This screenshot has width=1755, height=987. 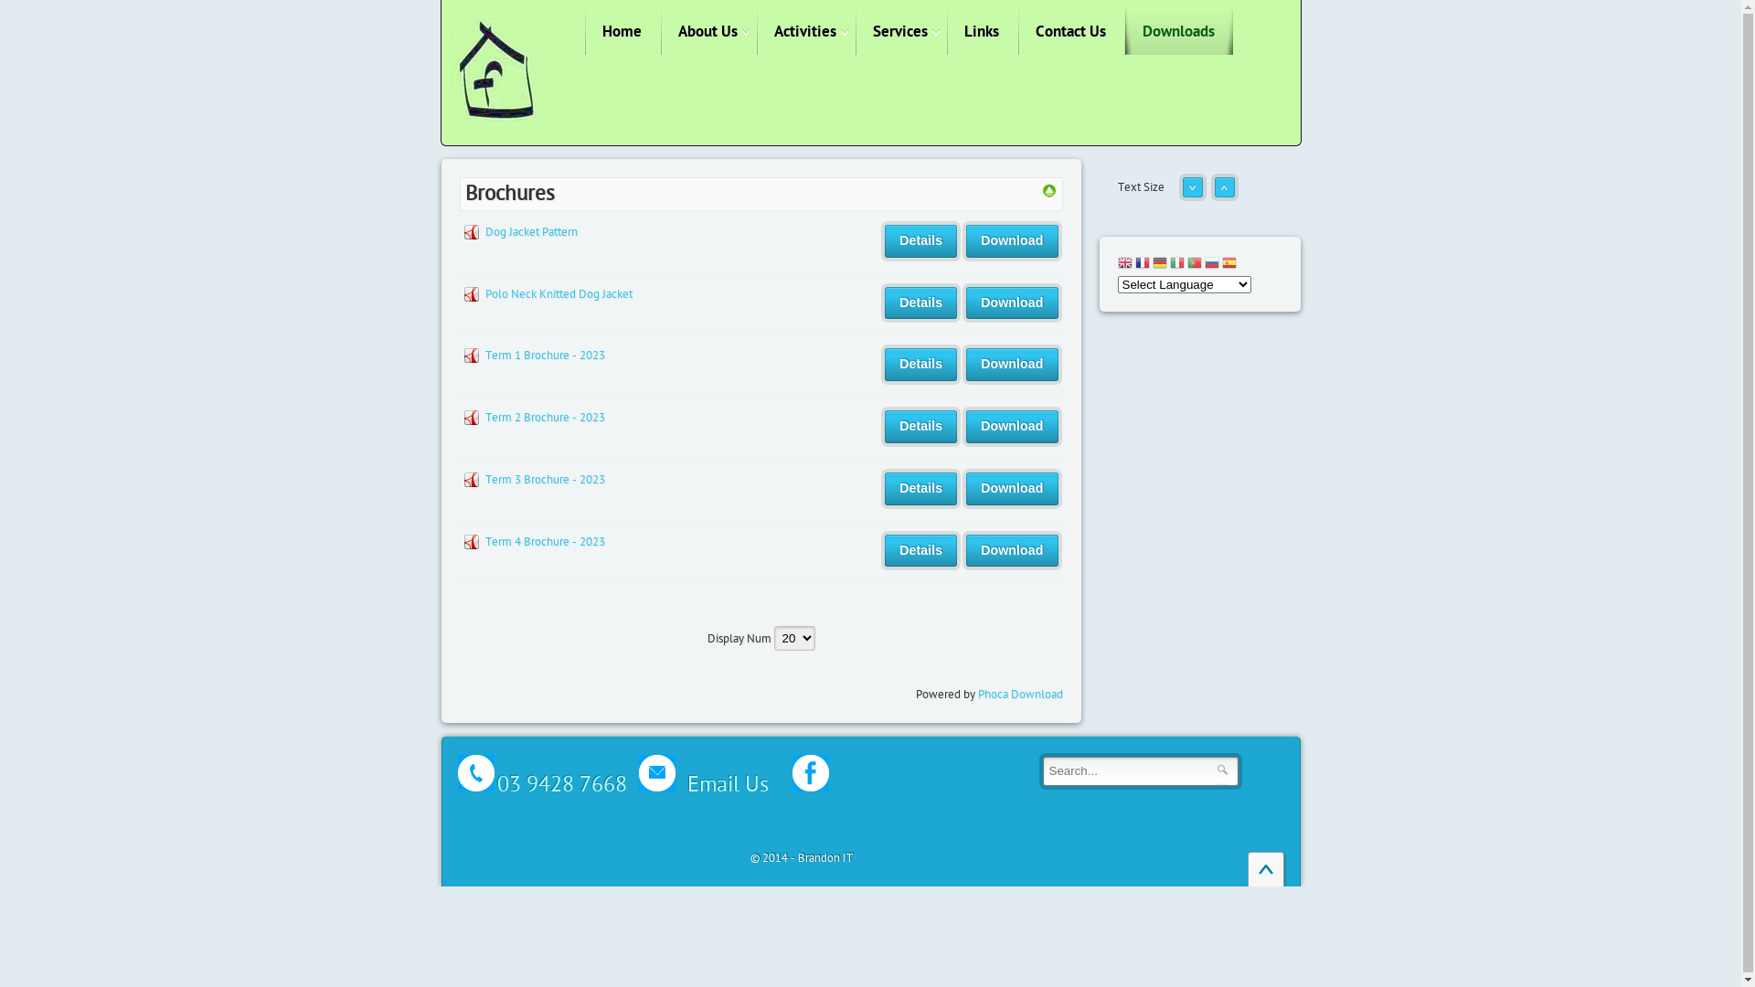 What do you see at coordinates (1228, 264) in the screenshot?
I see `'Spanish'` at bounding box center [1228, 264].